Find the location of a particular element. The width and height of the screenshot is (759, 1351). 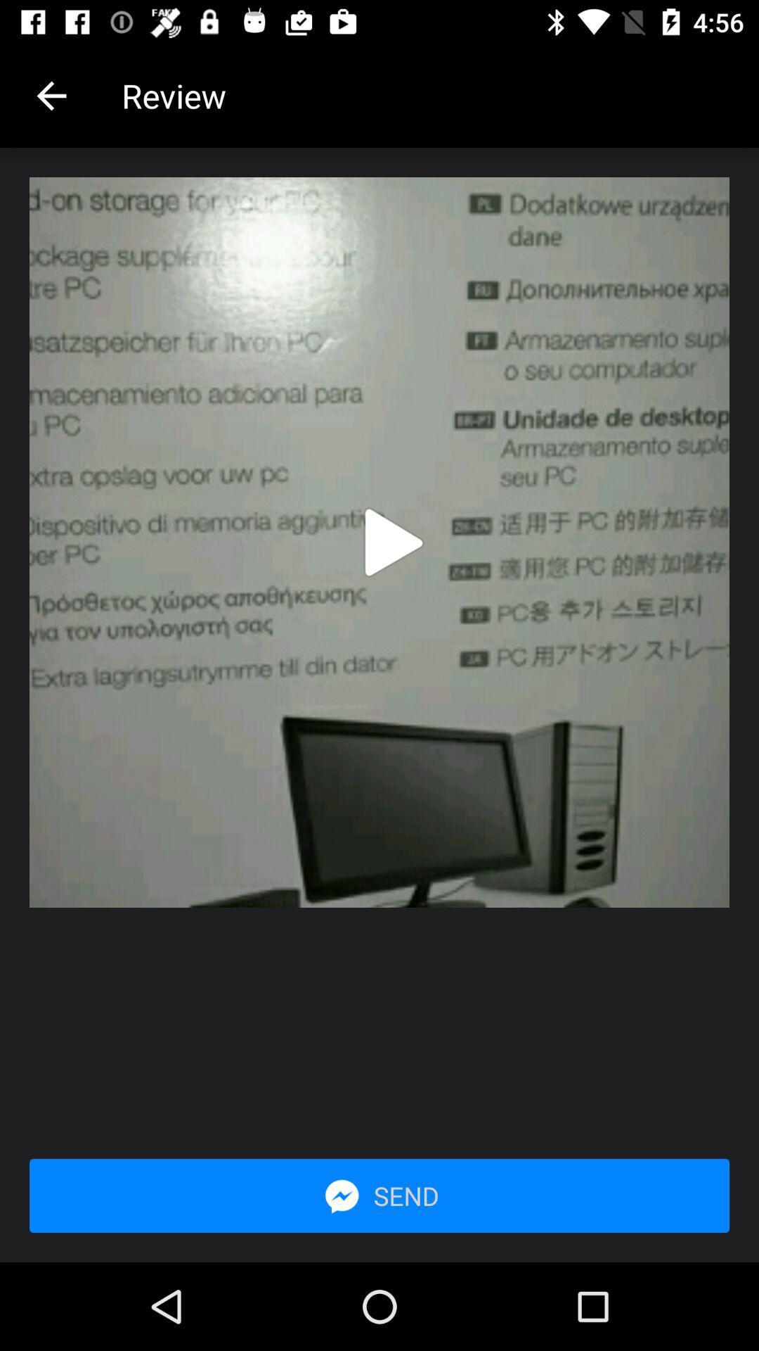

the item next to review app is located at coordinates (51, 95).